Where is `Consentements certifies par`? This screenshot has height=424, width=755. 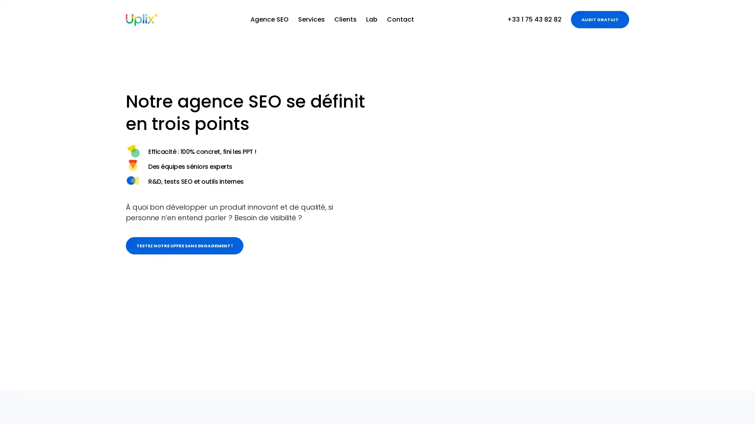 Consentements certifies par is located at coordinates (664, 371).